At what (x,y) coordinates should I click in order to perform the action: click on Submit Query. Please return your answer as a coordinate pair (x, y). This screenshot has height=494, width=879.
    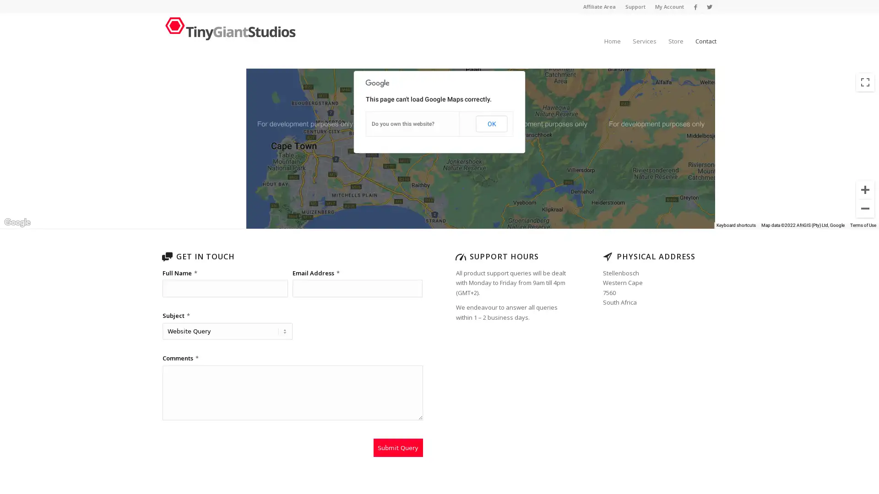
    Looking at the image, I should click on (398, 447).